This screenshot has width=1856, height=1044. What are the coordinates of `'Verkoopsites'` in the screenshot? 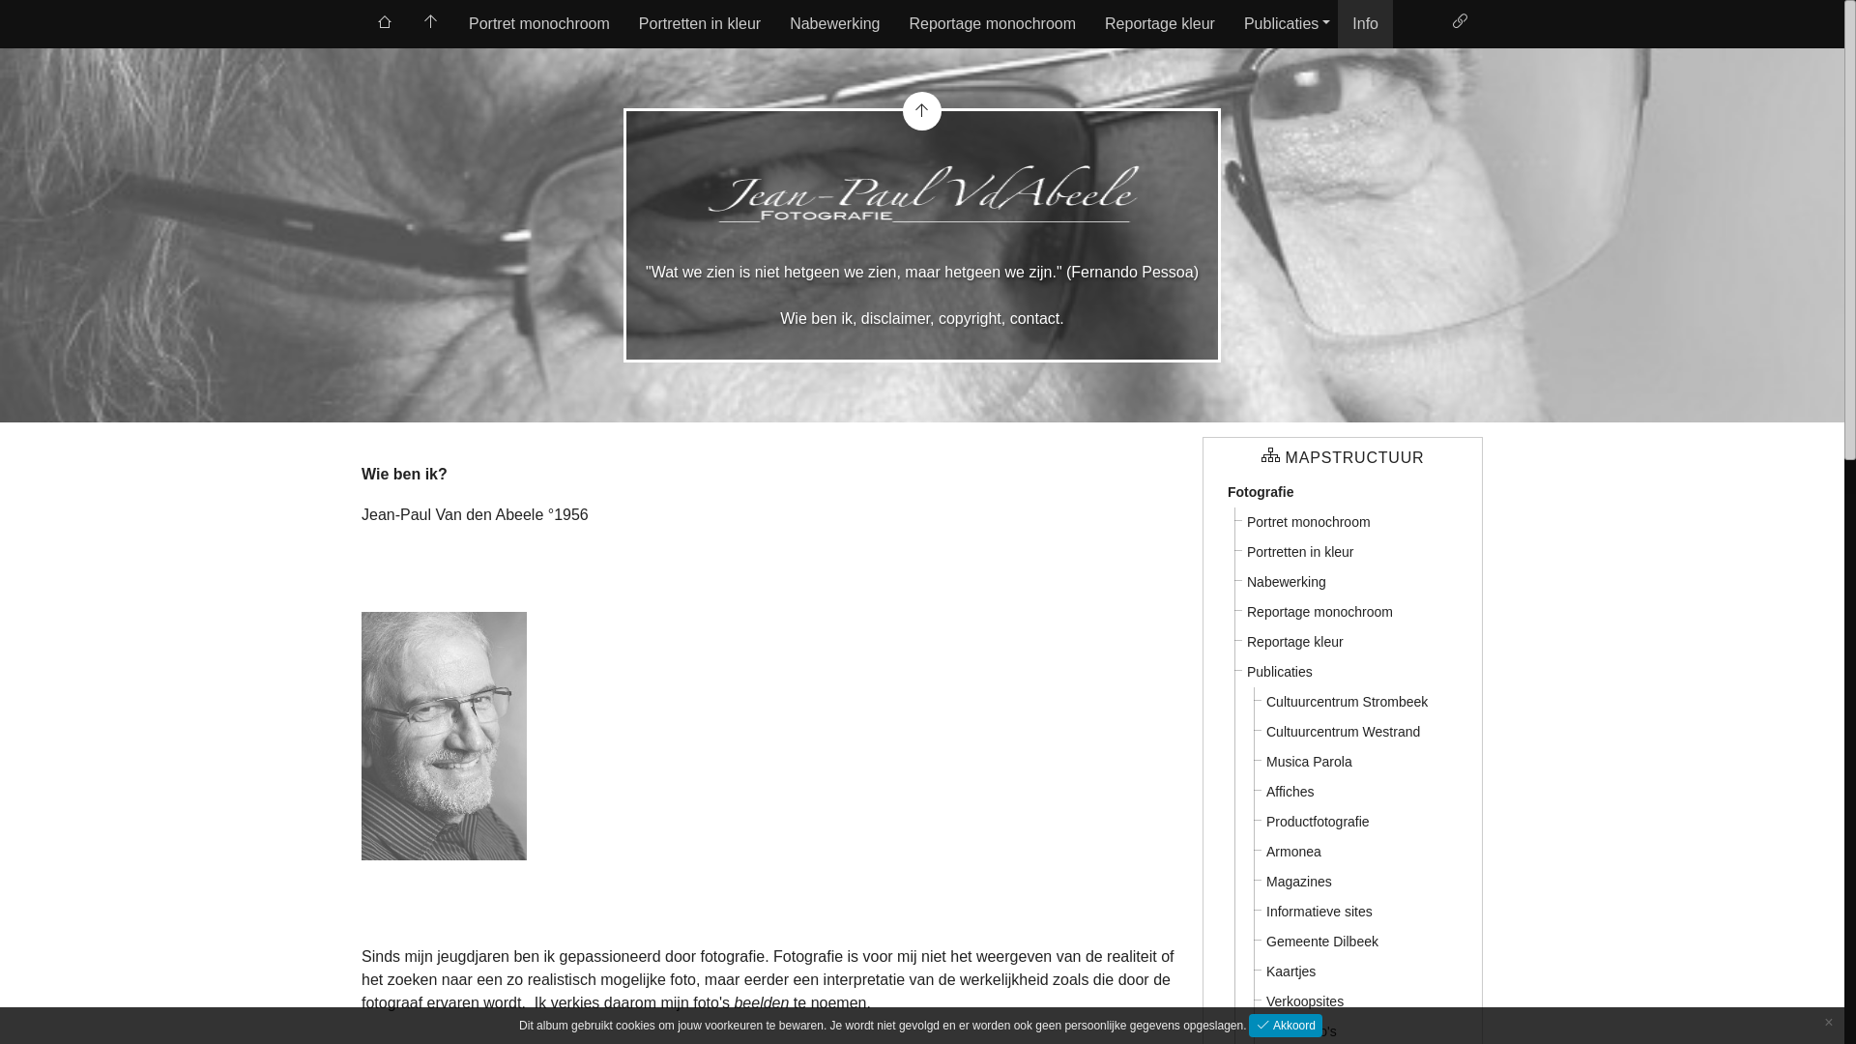 It's located at (1304, 1000).